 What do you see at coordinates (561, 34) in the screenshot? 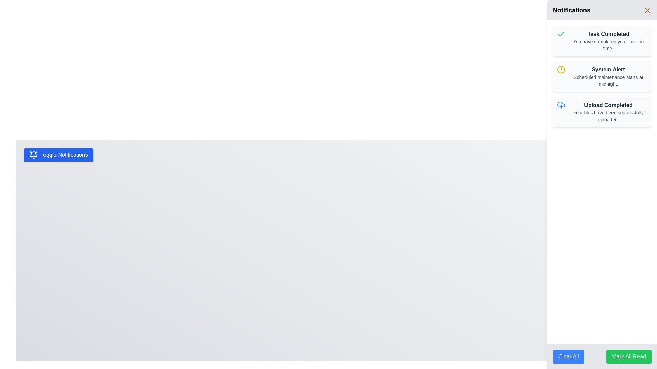
I see `the green checkmark icon located on the left side of the notification panel under the heading 'Notifications', which precedes the text 'Task Completed'` at bounding box center [561, 34].